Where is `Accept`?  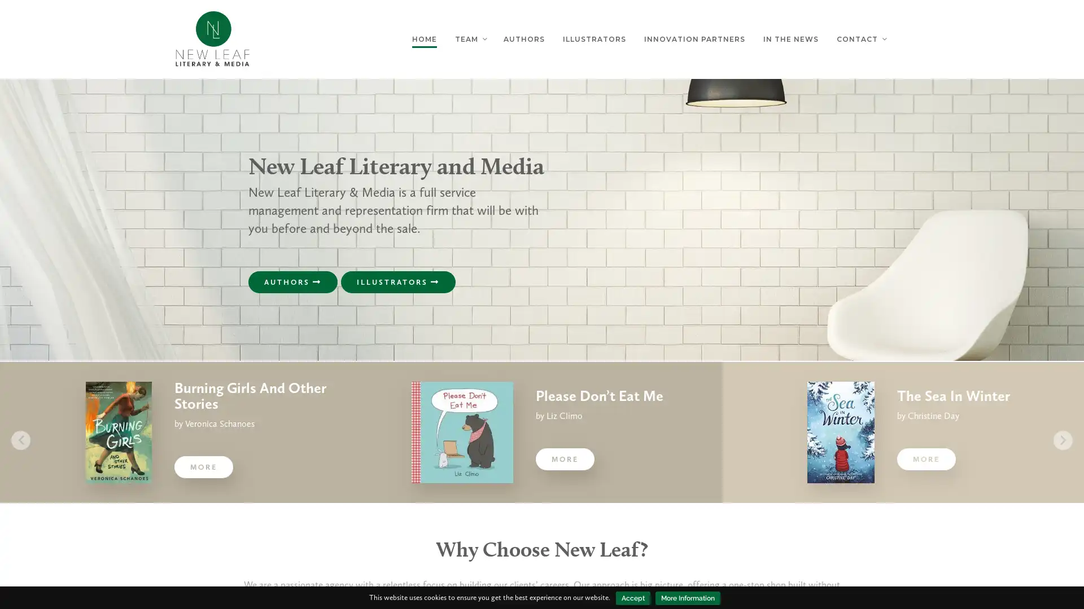
Accept is located at coordinates (633, 597).